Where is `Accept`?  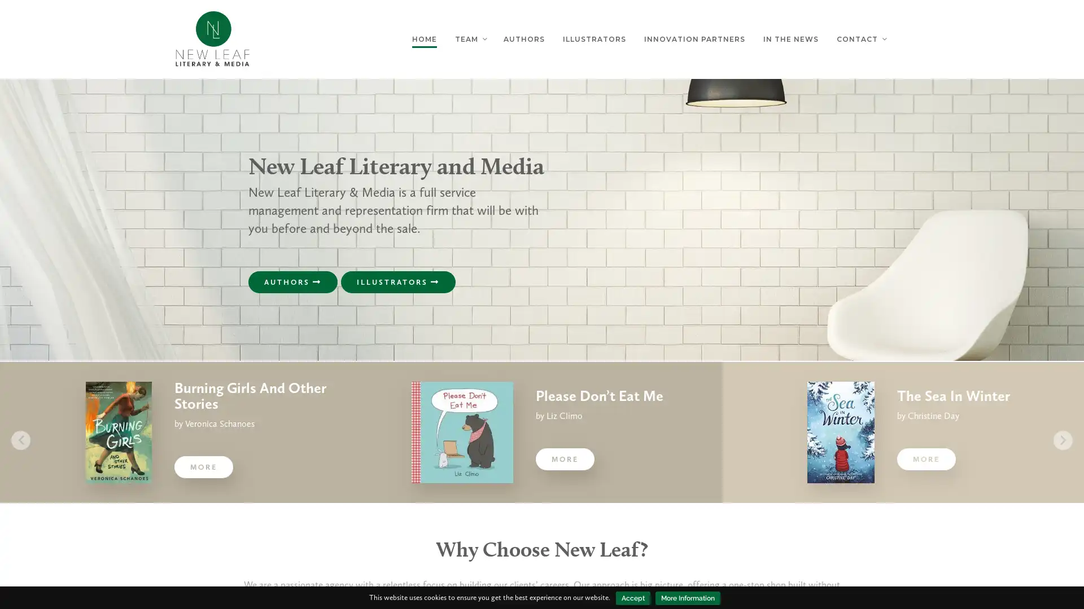
Accept is located at coordinates (633, 597).